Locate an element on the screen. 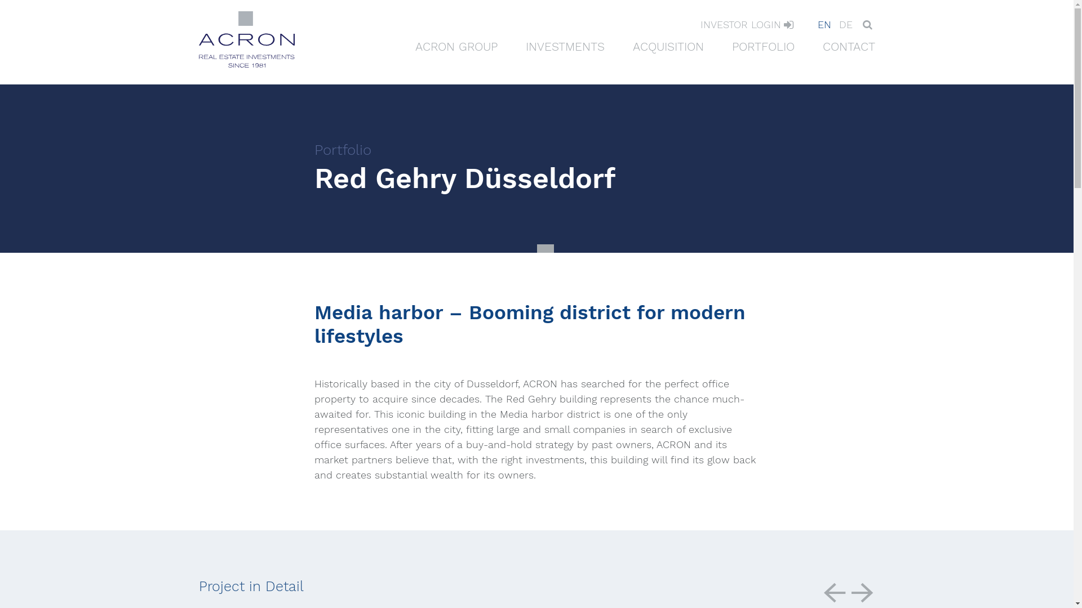 The height and width of the screenshot is (608, 1082). 'INVESTOR LOGIN' is located at coordinates (743, 25).